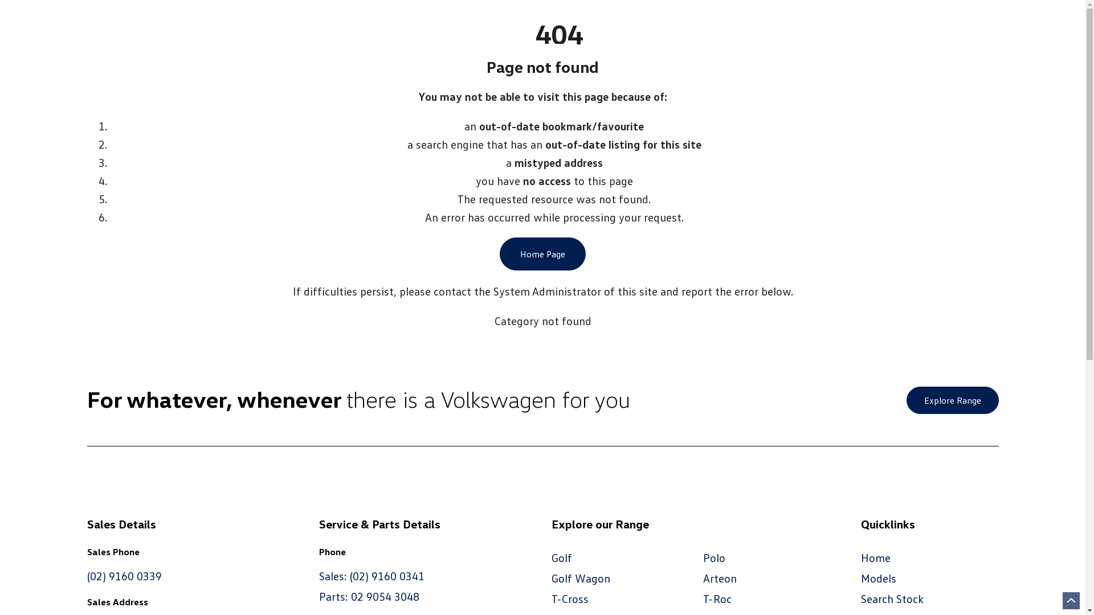  I want to click on 'Explore Range', so click(952, 399).